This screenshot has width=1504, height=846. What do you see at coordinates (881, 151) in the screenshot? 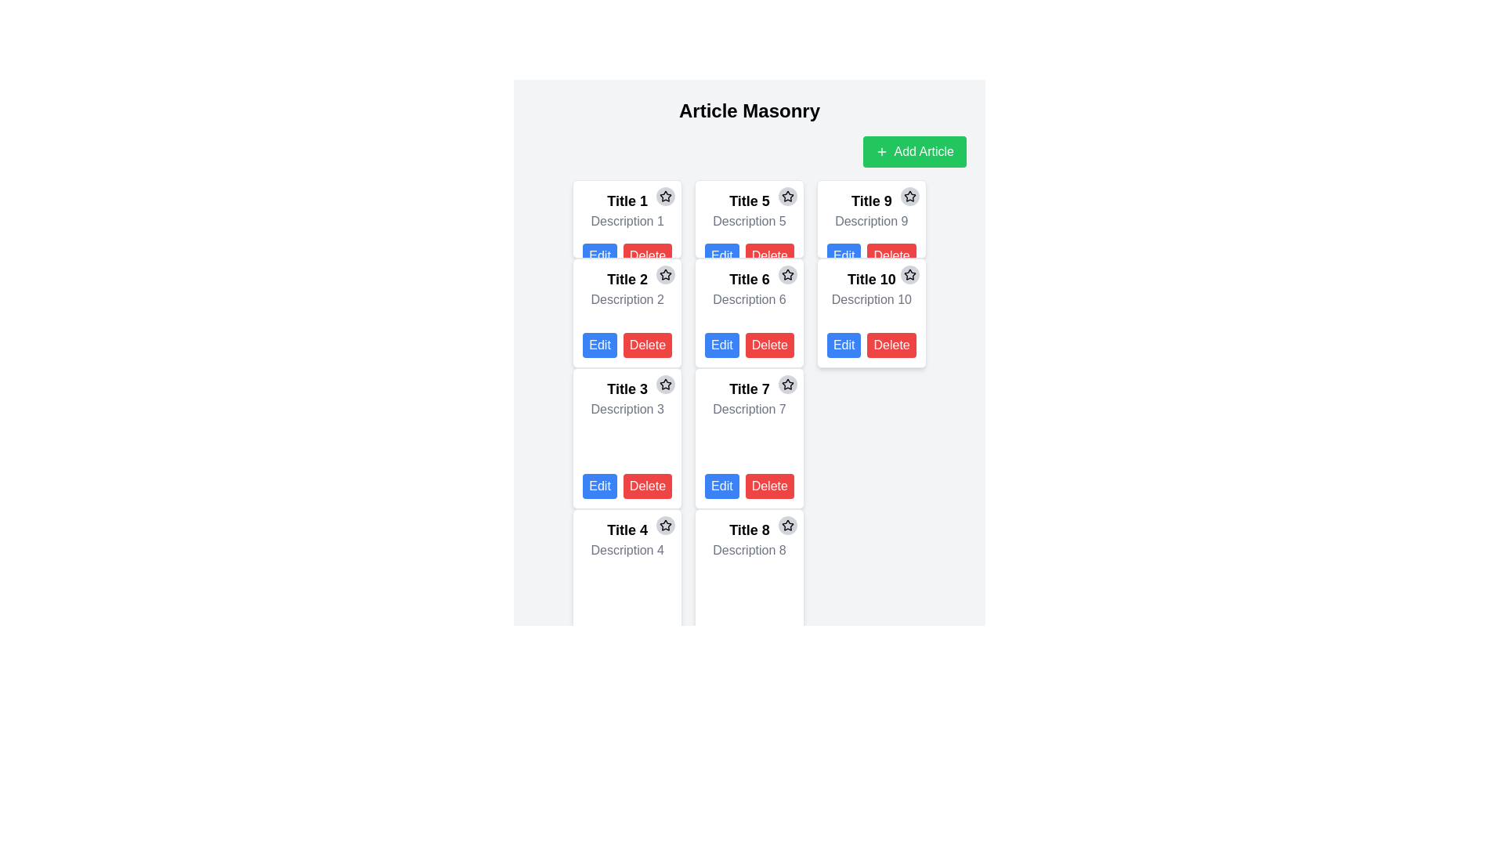
I see `the 'Add Article' icon located within the button in the upper-right corner next to the title 'Article Masonry'` at bounding box center [881, 151].